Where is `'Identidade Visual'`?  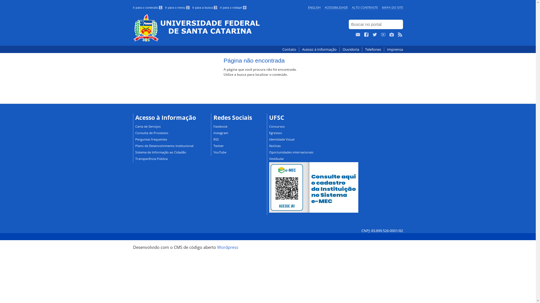 'Identidade Visual' is located at coordinates (269, 139).